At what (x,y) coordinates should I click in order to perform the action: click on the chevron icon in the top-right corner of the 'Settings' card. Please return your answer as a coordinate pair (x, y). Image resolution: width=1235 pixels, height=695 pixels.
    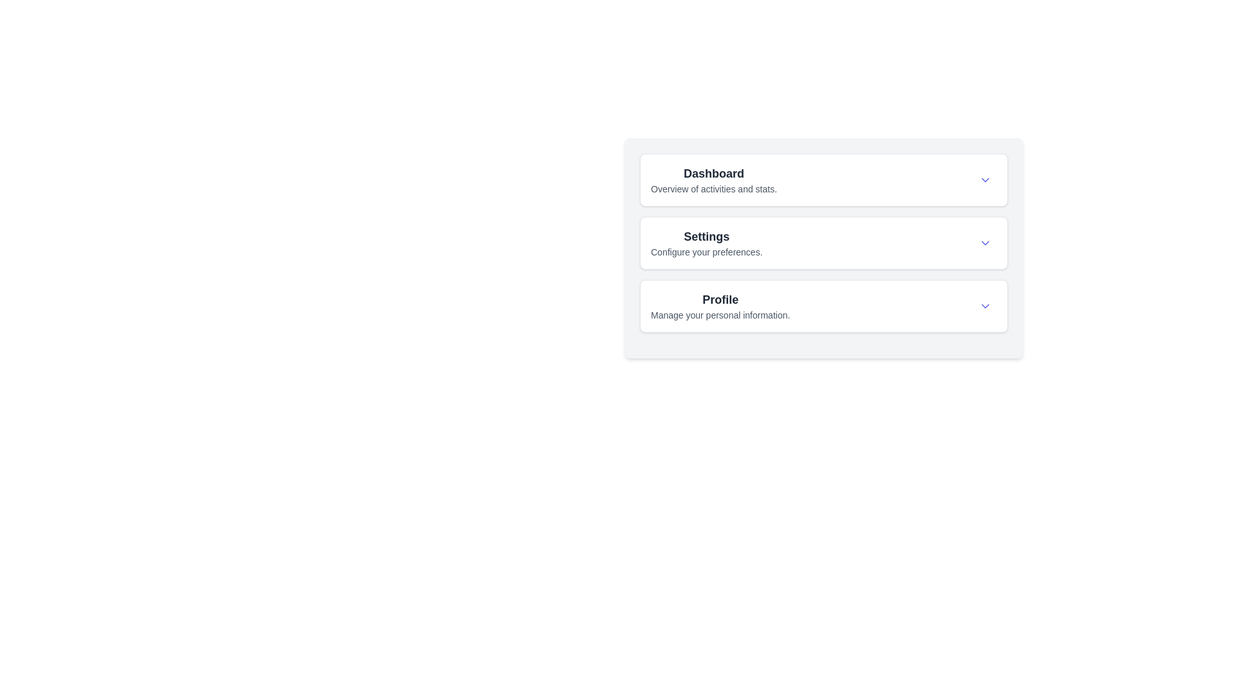
    Looking at the image, I should click on (984, 243).